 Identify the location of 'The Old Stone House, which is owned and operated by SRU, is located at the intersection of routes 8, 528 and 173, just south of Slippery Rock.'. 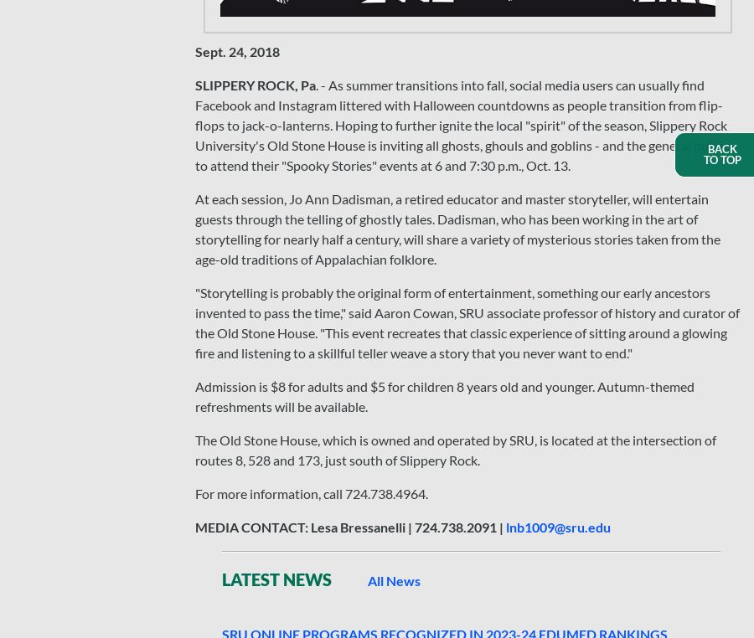
(454, 449).